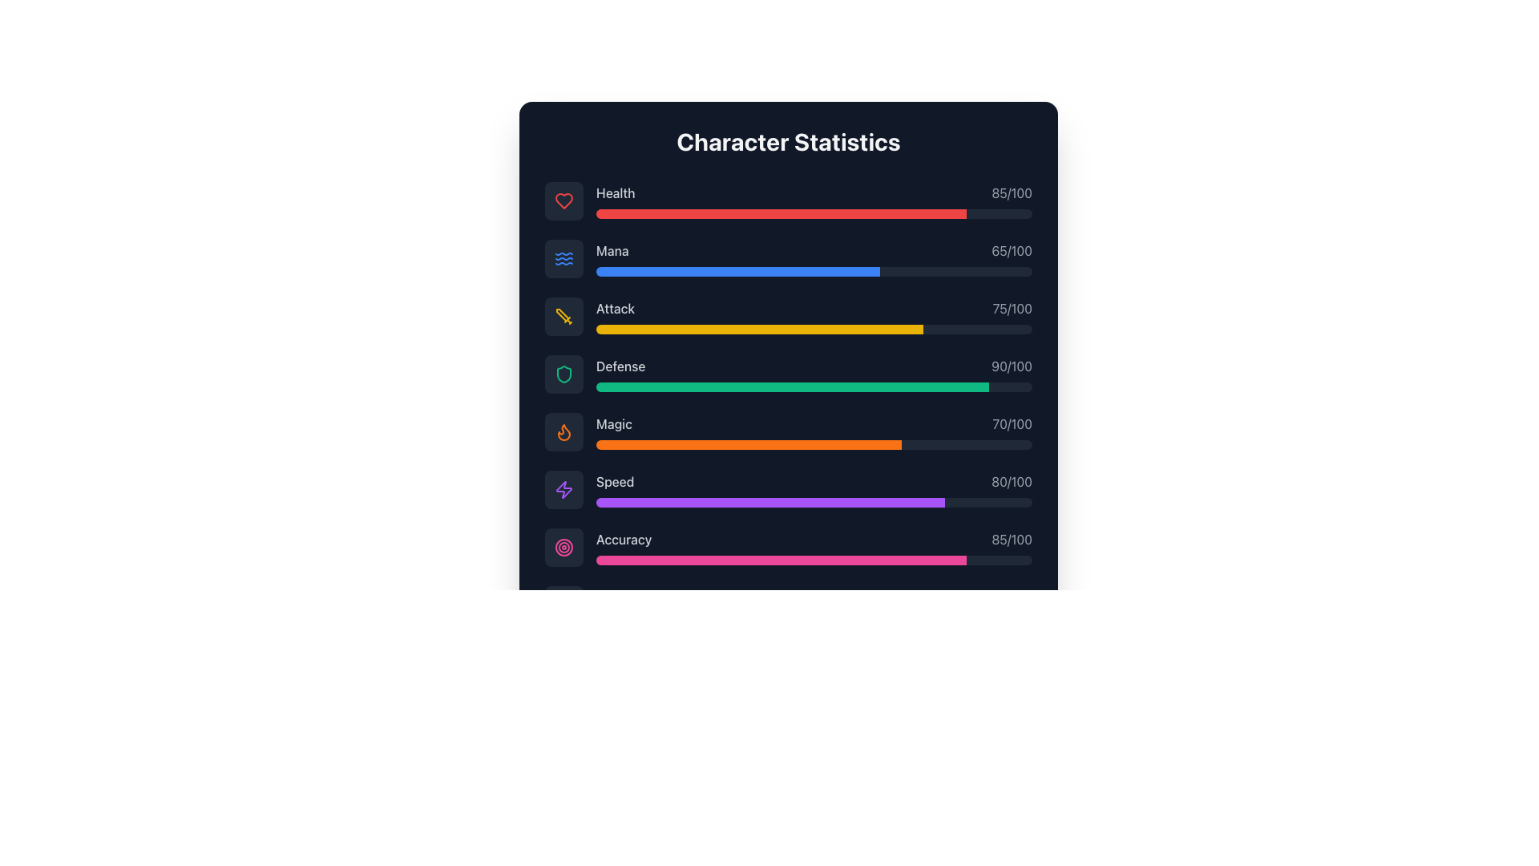 The width and height of the screenshot is (1539, 866). I want to click on the 'Attack' text label styled in gray color within the character statistics list, located to the left of a yellow progress bar, so click(615, 309).